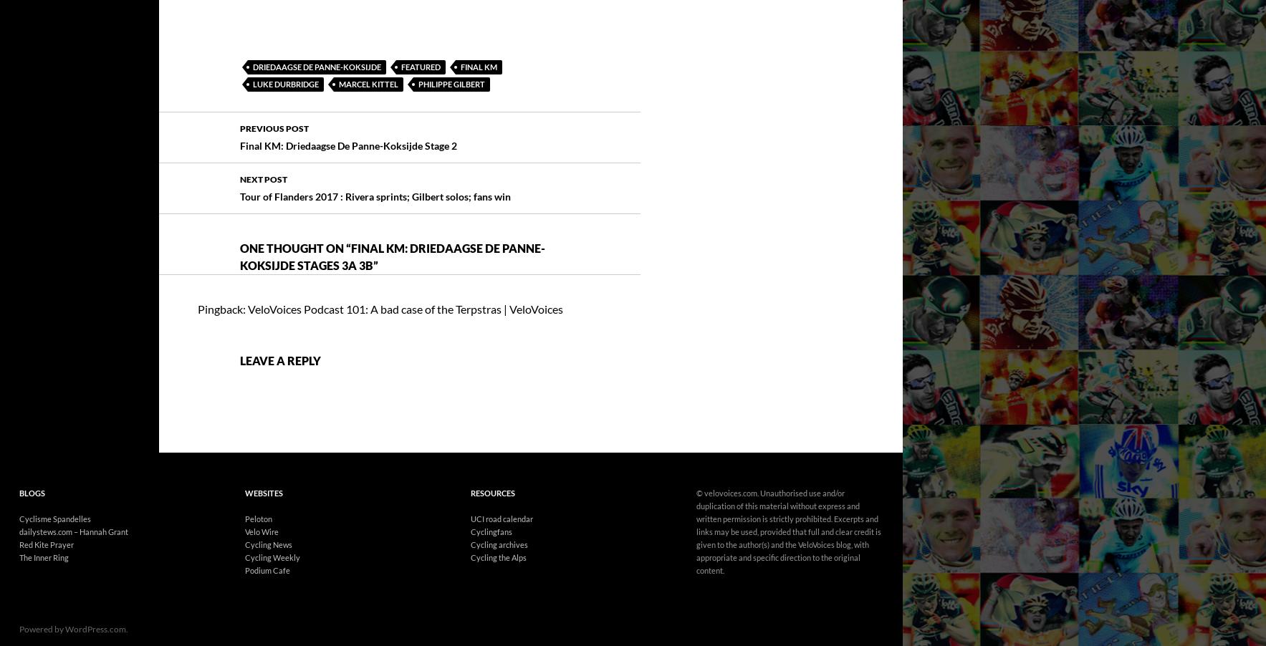 The height and width of the screenshot is (646, 1266). I want to click on 'Peloton', so click(258, 478).